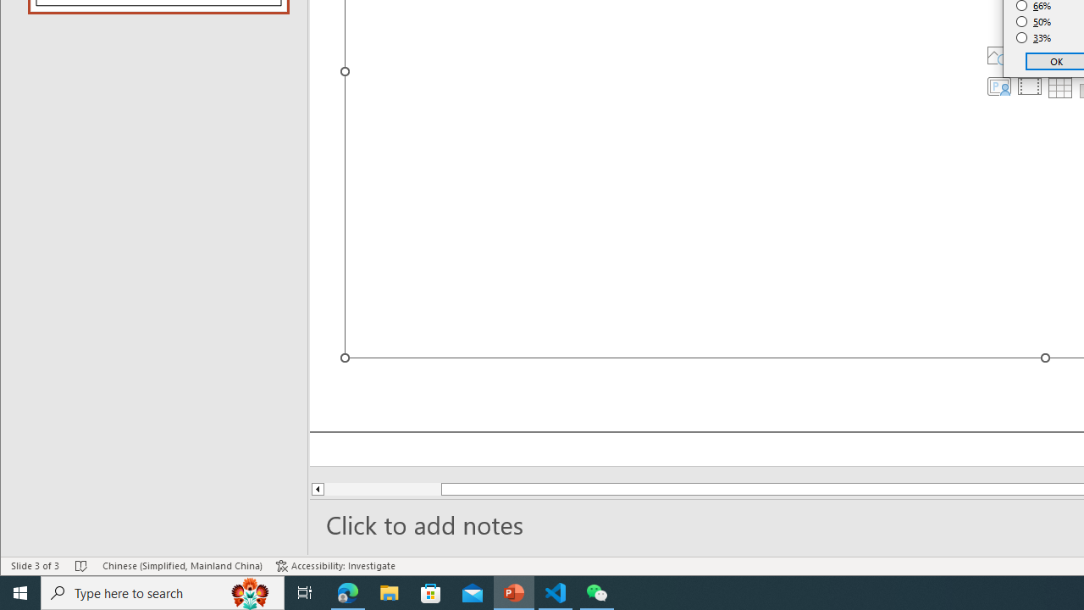 This screenshot has width=1084, height=610. What do you see at coordinates (1033, 38) in the screenshot?
I see `'33%'` at bounding box center [1033, 38].